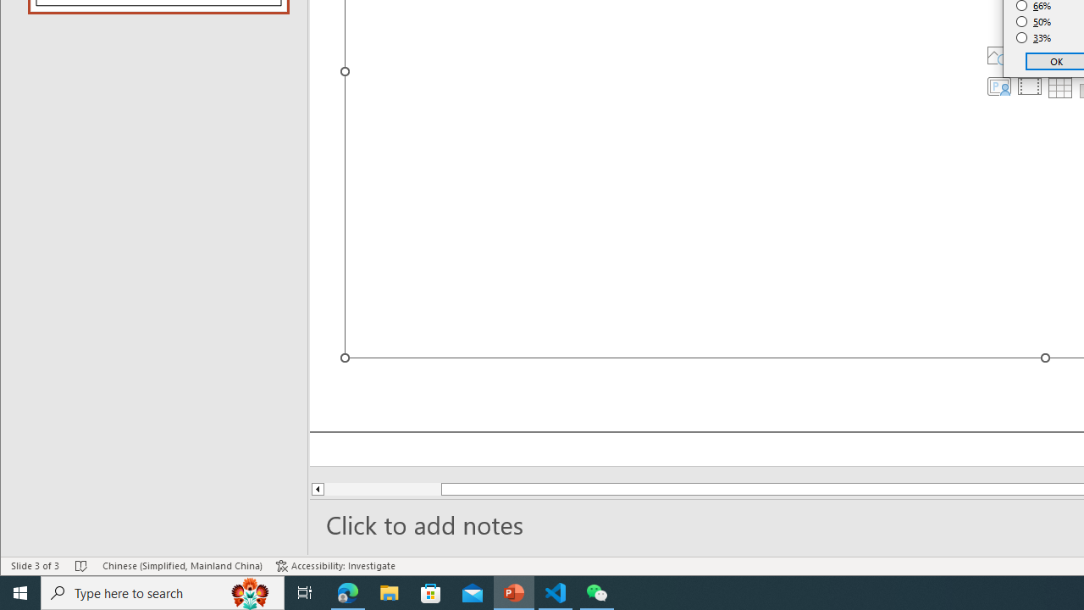 This screenshot has width=1084, height=610. What do you see at coordinates (1033, 38) in the screenshot?
I see `'33%'` at bounding box center [1033, 38].